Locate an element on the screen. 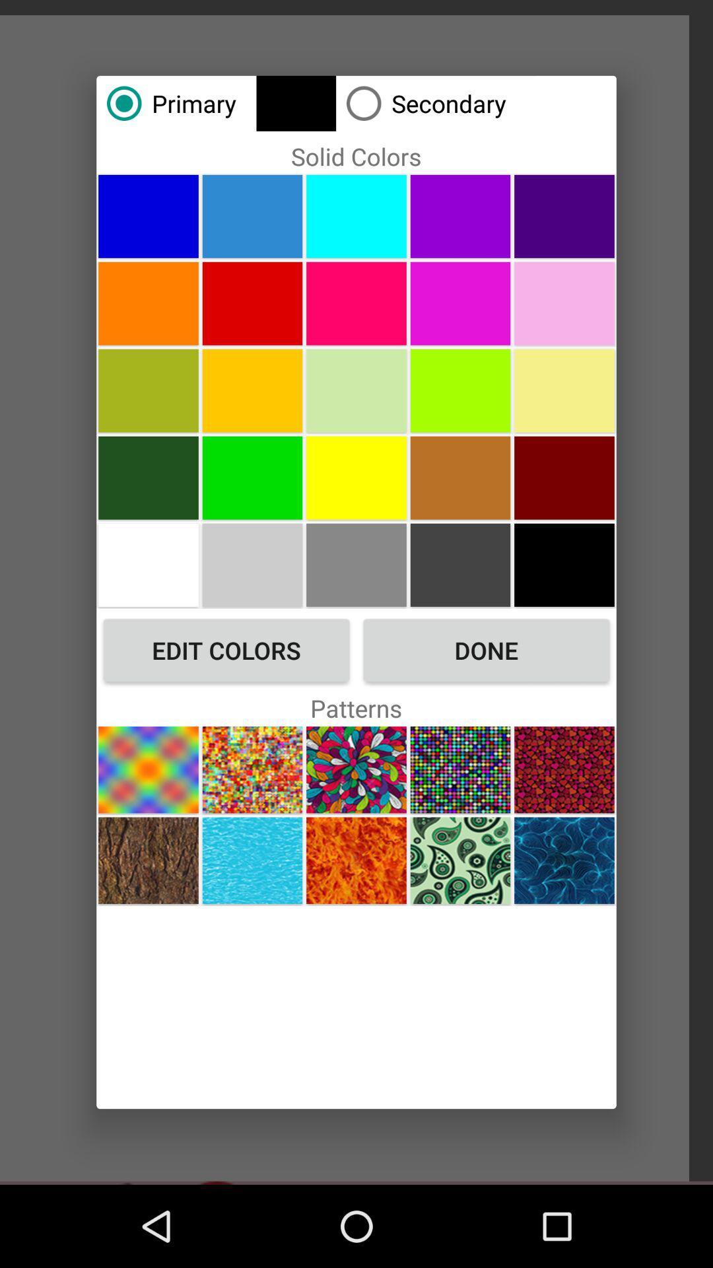  color purple is located at coordinates (459, 216).